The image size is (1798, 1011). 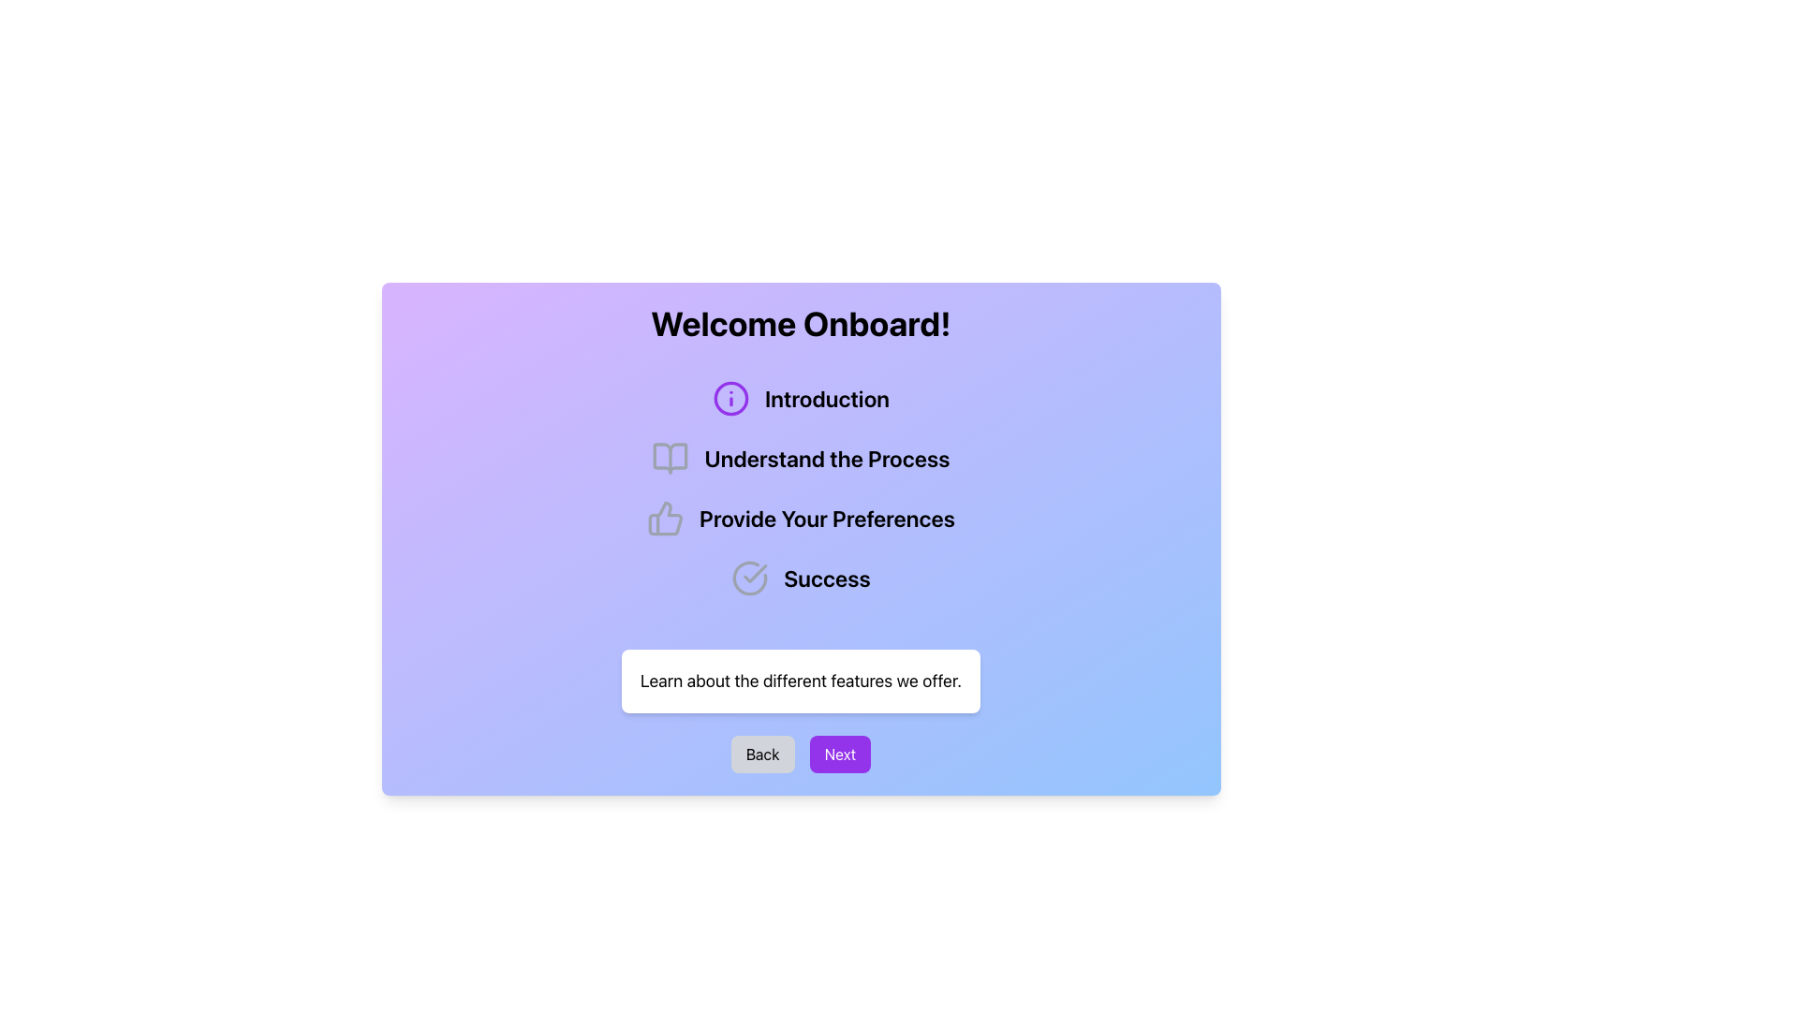 I want to click on the first button to the left of the 'Next' button, so click(x=762, y=754).